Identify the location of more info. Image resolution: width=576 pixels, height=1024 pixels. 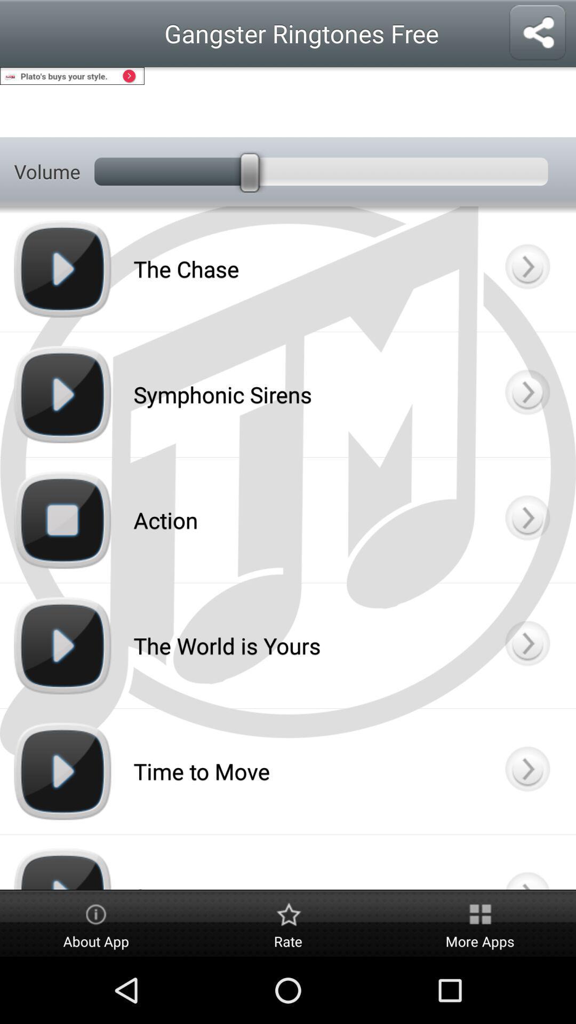
(526, 645).